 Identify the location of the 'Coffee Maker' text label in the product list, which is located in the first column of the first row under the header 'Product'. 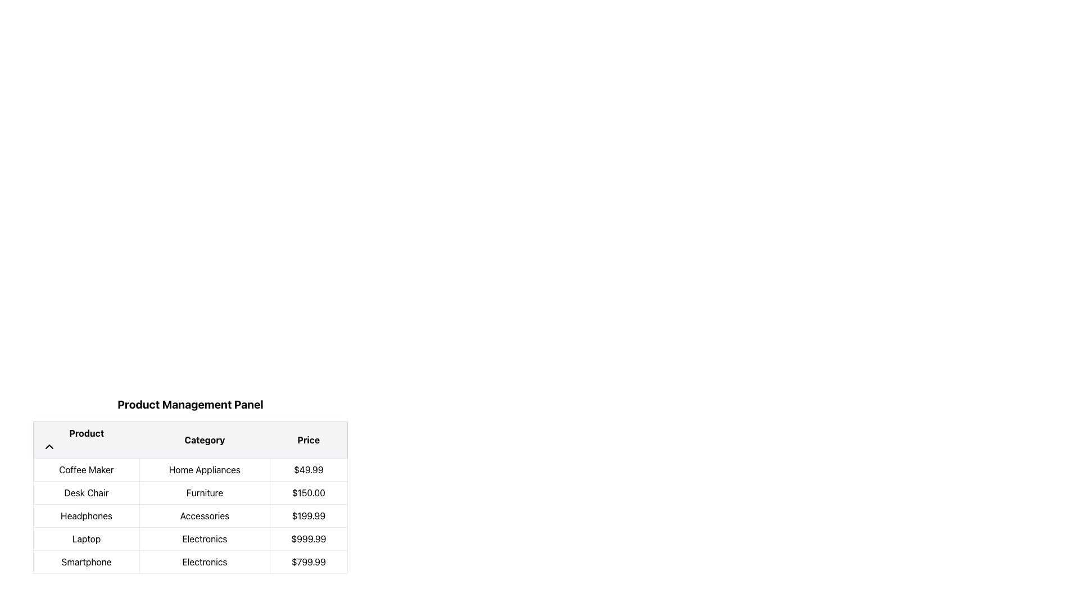
(85, 470).